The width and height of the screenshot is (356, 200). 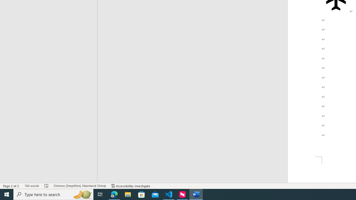 What do you see at coordinates (79, 186) in the screenshot?
I see `'Language Chinese (Simplified, Mainland China)'` at bounding box center [79, 186].